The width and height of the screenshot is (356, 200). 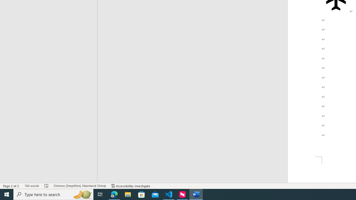 What do you see at coordinates (79, 186) in the screenshot?
I see `'Language Chinese (Simplified, Mainland China)'` at bounding box center [79, 186].